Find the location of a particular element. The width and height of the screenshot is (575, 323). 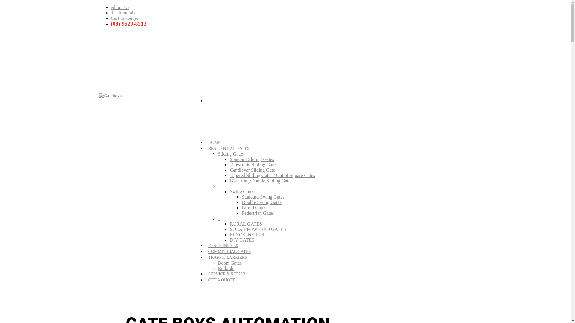

'GET A QUOTE' is located at coordinates (221, 281).